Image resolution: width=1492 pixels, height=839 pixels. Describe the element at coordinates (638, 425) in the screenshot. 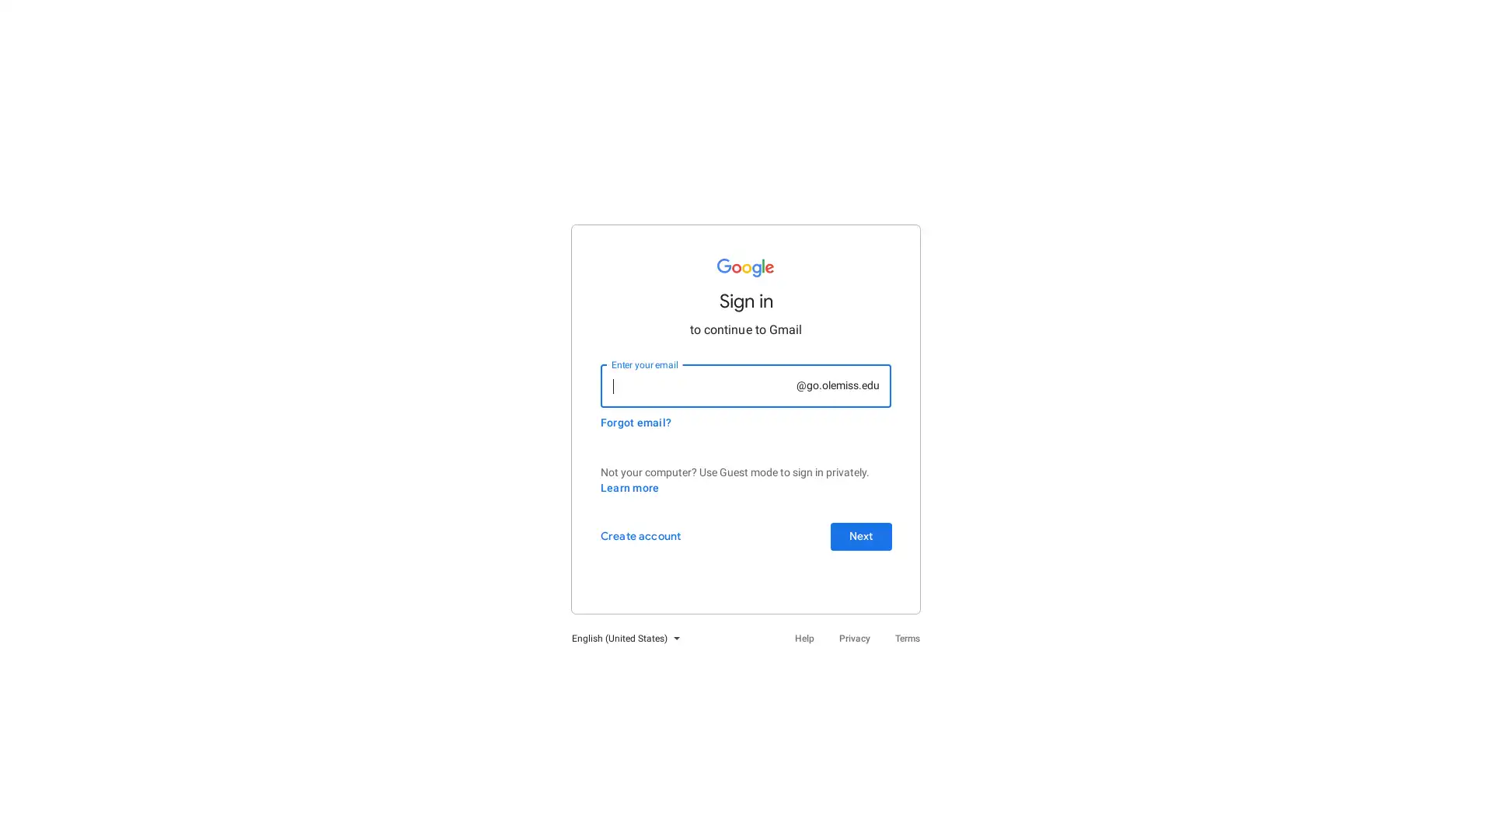

I see `Forgot email?` at that location.